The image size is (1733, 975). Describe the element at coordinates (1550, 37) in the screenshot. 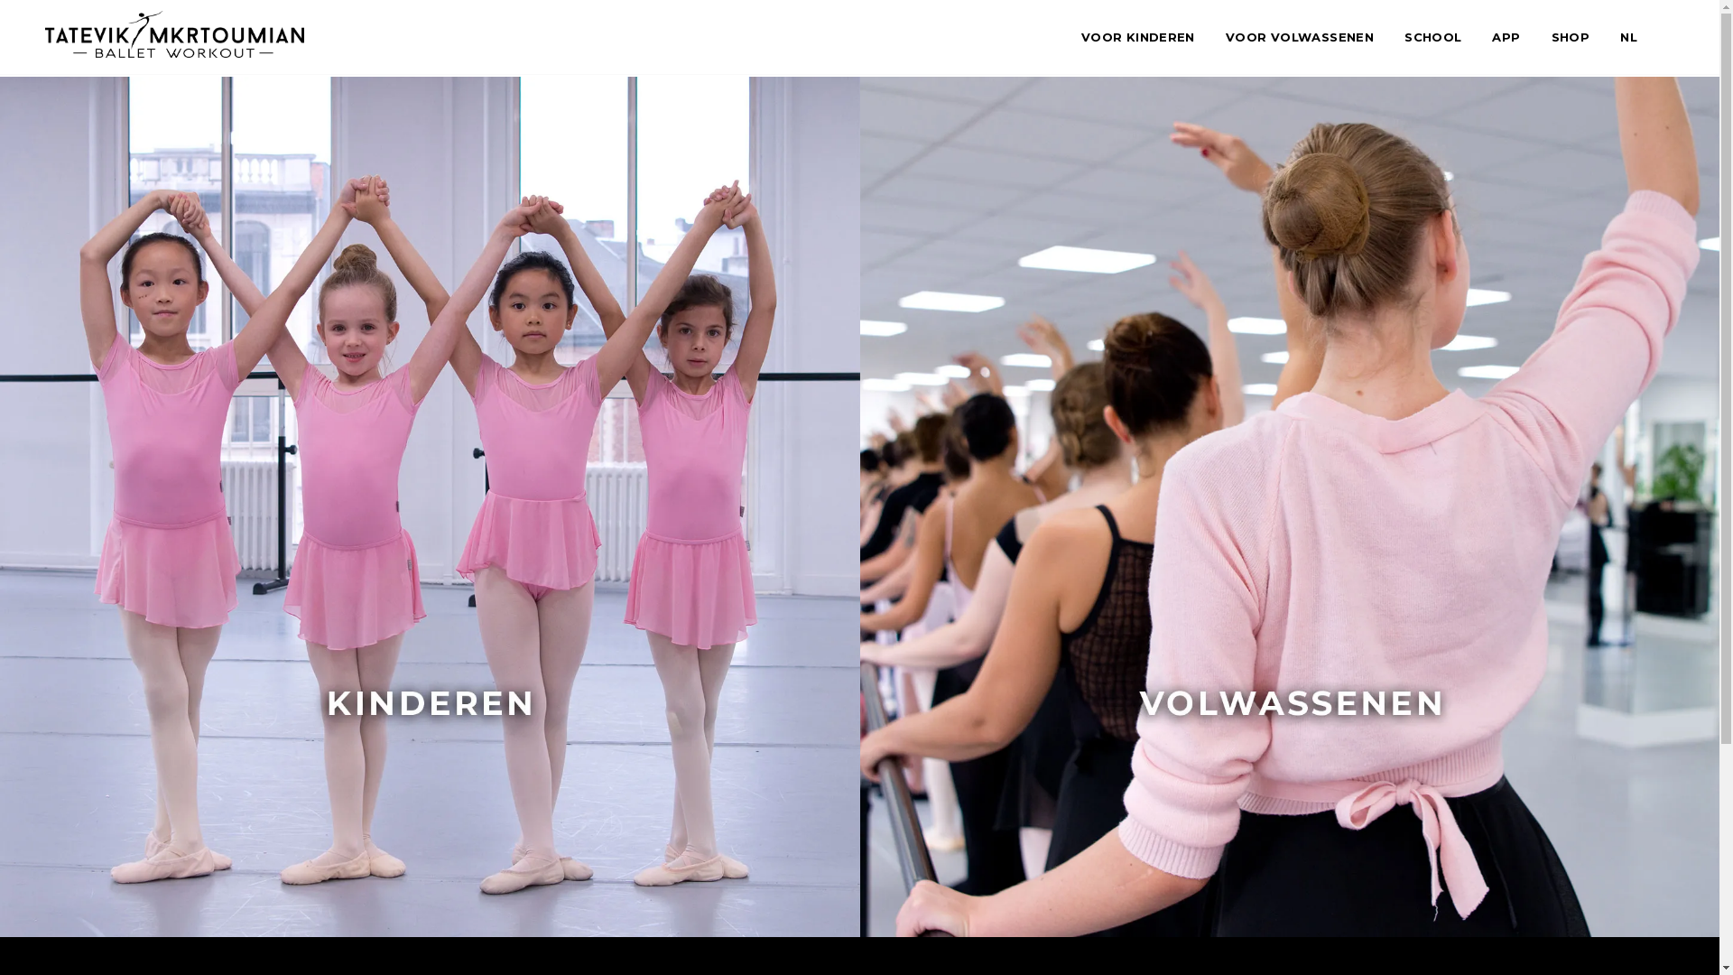

I see `'SHOP'` at that location.